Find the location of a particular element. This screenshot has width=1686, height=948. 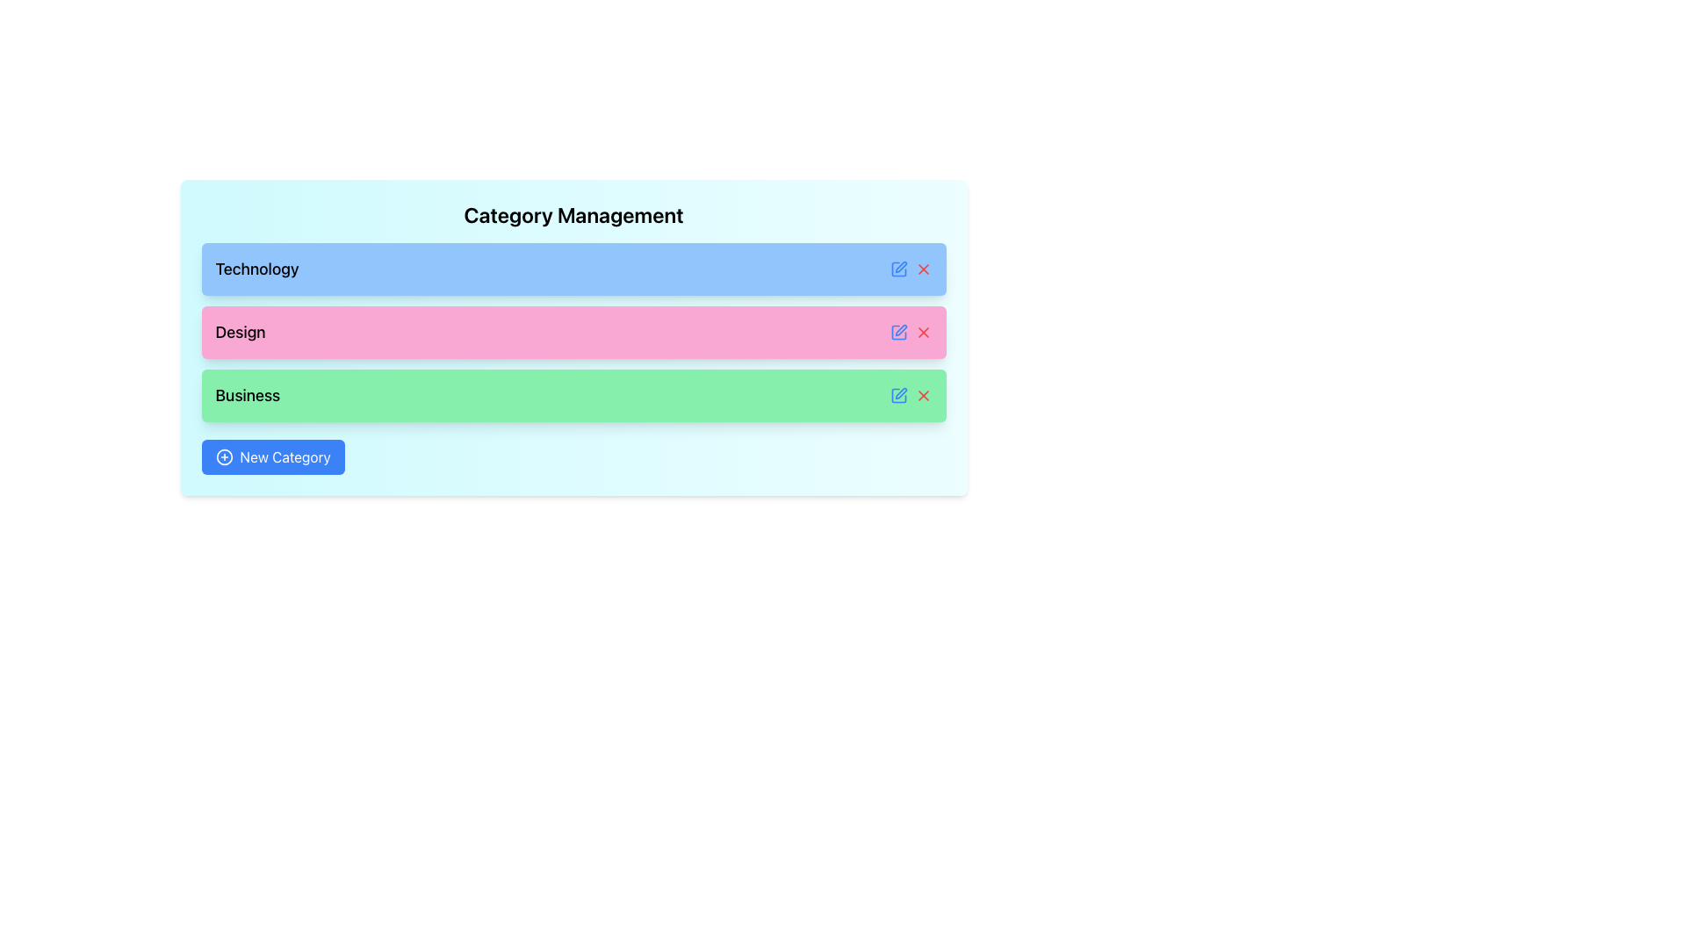

text label identifying the category as 'Design', located in the second item of a vertical list with a pink background is located at coordinates (239, 332).